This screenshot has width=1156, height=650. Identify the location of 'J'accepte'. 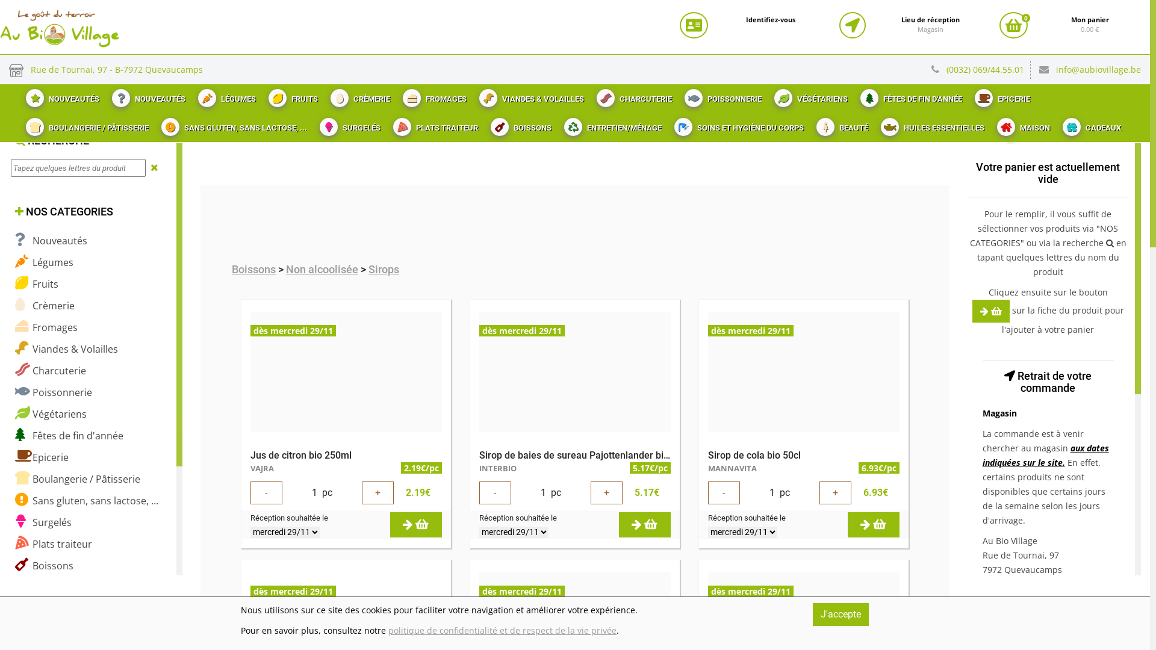
(840, 614).